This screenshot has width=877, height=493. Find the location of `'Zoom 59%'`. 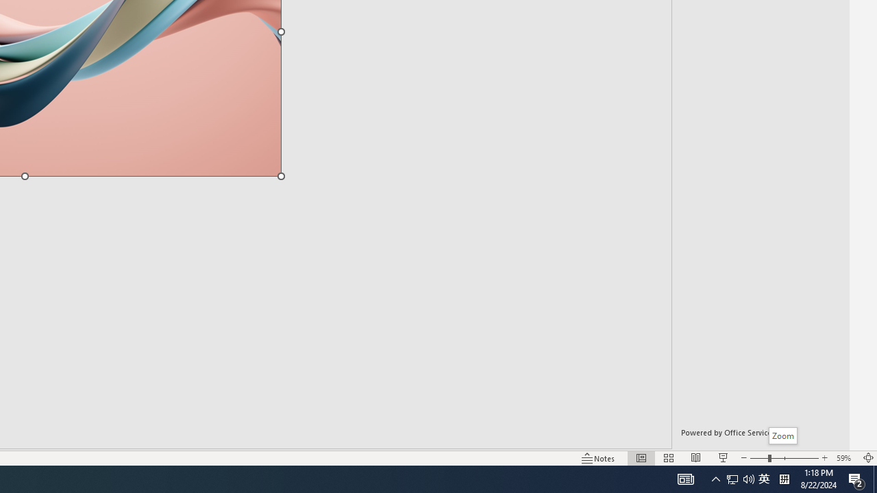

'Zoom 59%' is located at coordinates (845, 458).